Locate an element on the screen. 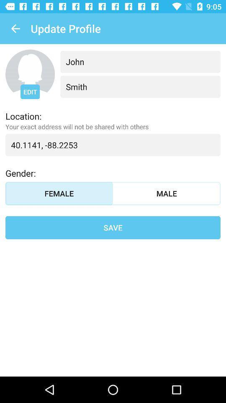  the female item is located at coordinates (59, 194).